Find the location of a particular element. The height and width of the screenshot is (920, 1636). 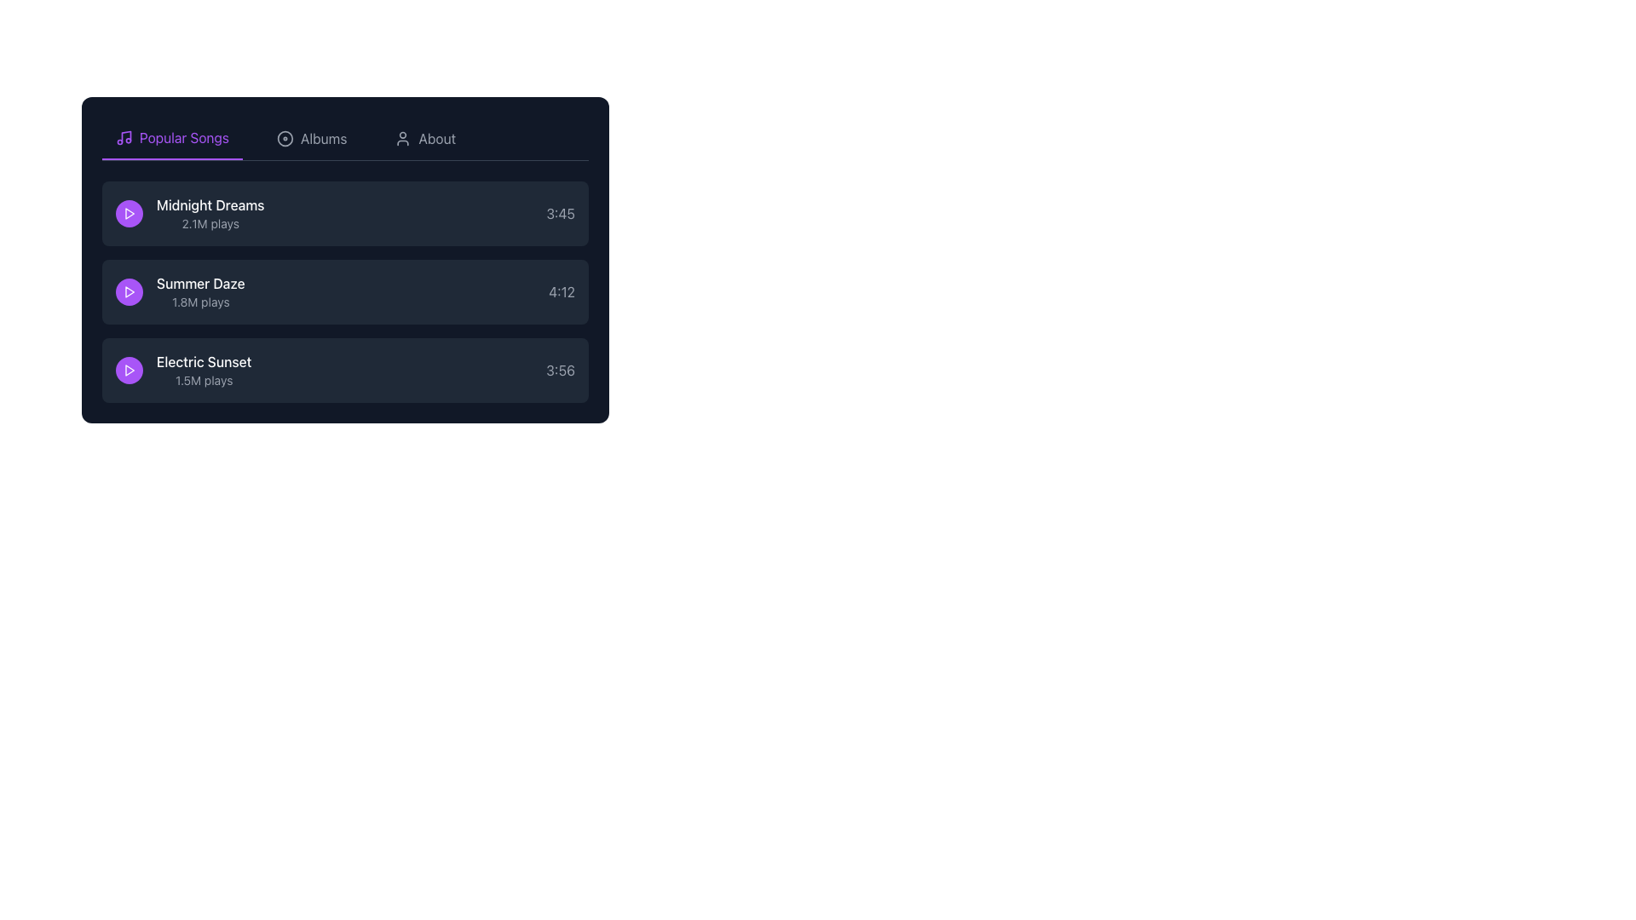

the 'About' button, which is the third button in a row of navigation buttons is located at coordinates (425, 137).